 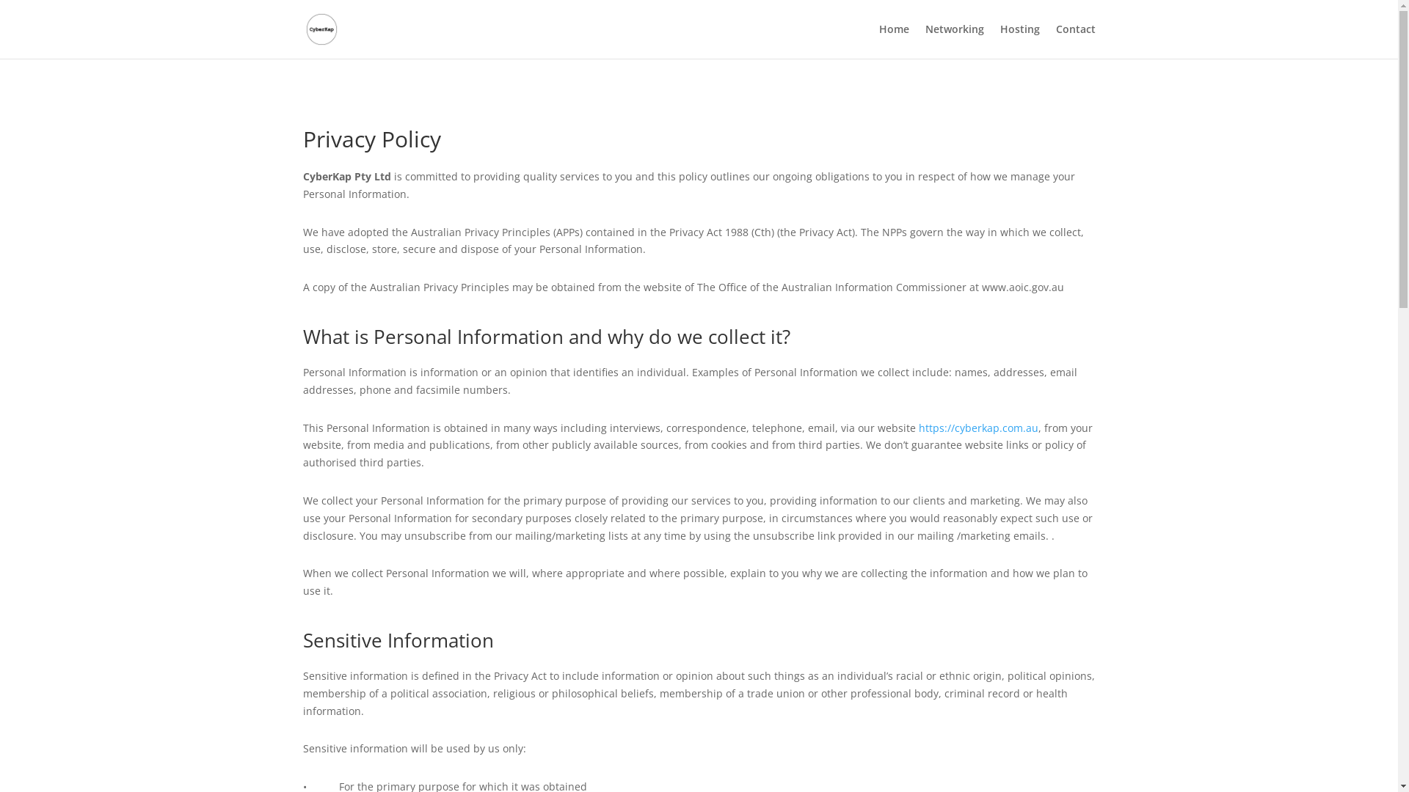 What do you see at coordinates (1018, 40) in the screenshot?
I see `'Hosting'` at bounding box center [1018, 40].